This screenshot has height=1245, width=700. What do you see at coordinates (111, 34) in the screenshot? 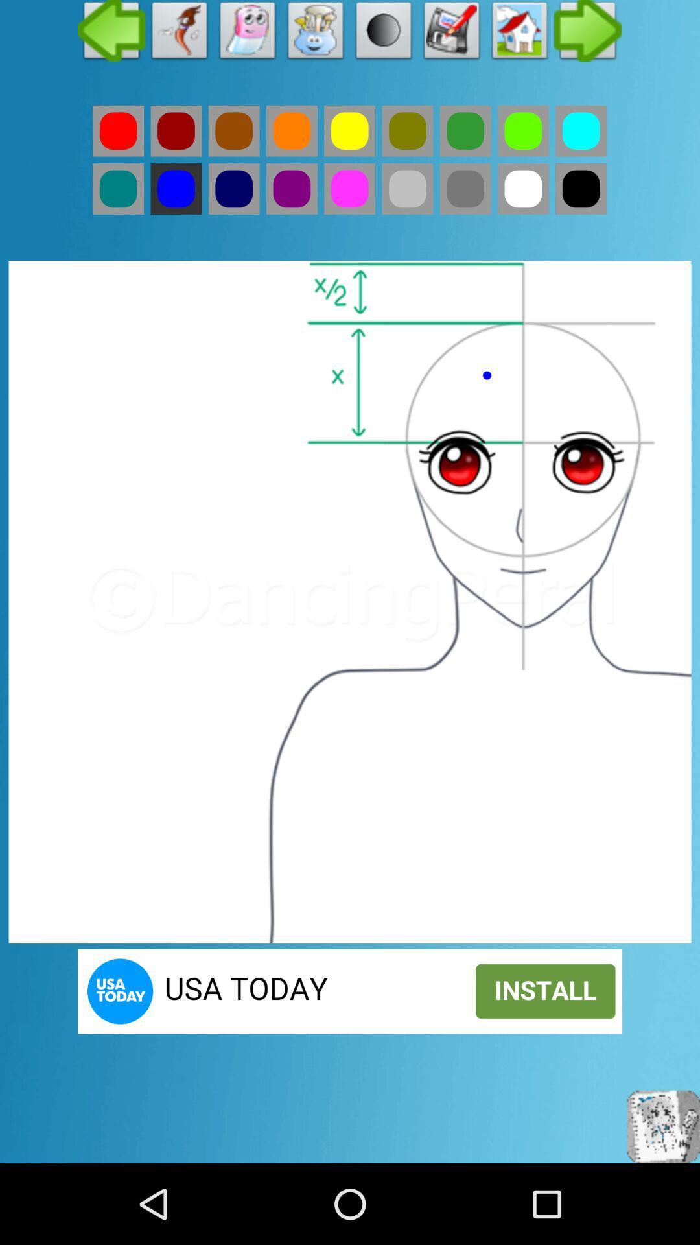
I see `previous menu` at bounding box center [111, 34].